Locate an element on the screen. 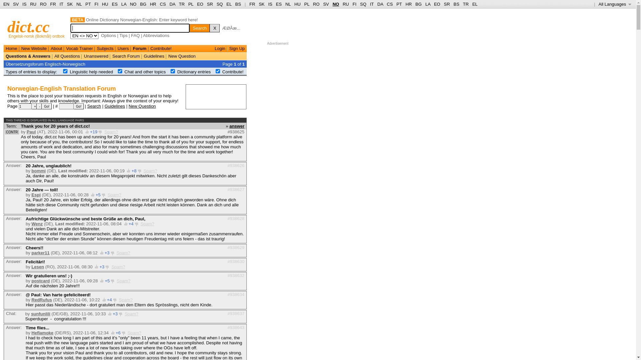 The height and width of the screenshot is (360, 641). '#938637' is located at coordinates (236, 313).